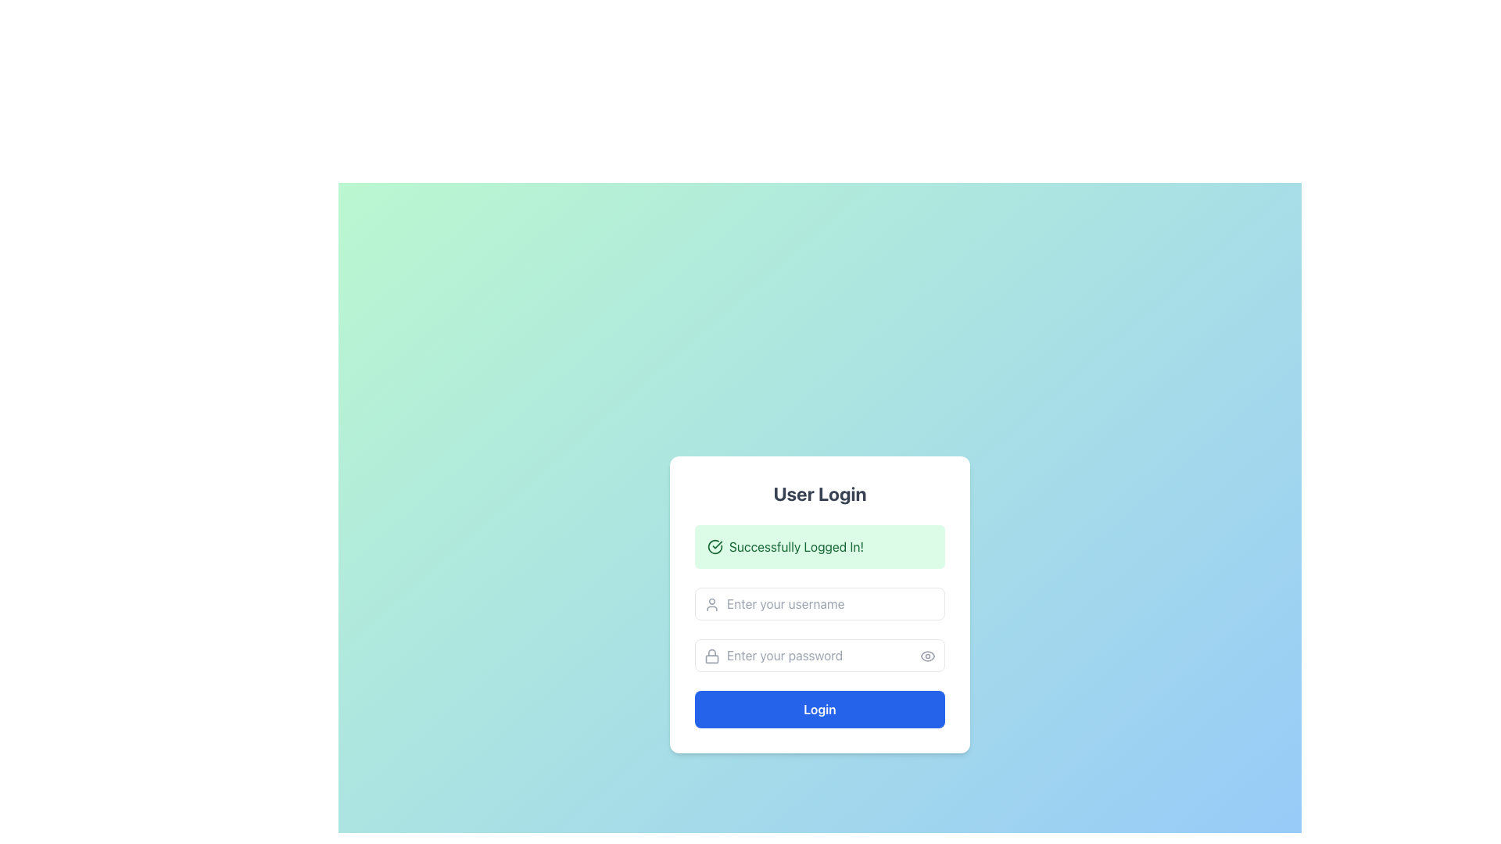  Describe the element at coordinates (819, 603) in the screenshot. I see `the first input field for username entry` at that location.